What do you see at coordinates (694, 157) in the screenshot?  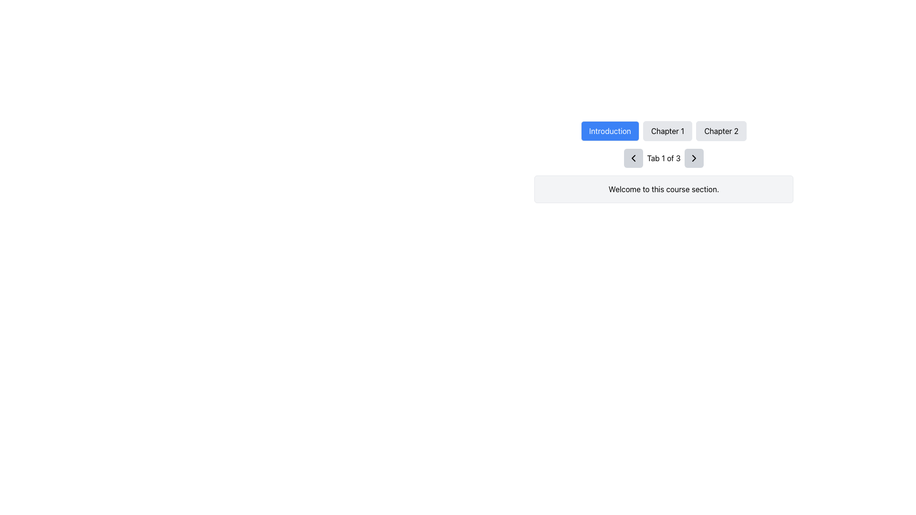 I see `the chevron icon button located in the rightmost position of the navigation control group, adjacent to 'Tab 1 of 3', to change its background color` at bounding box center [694, 157].